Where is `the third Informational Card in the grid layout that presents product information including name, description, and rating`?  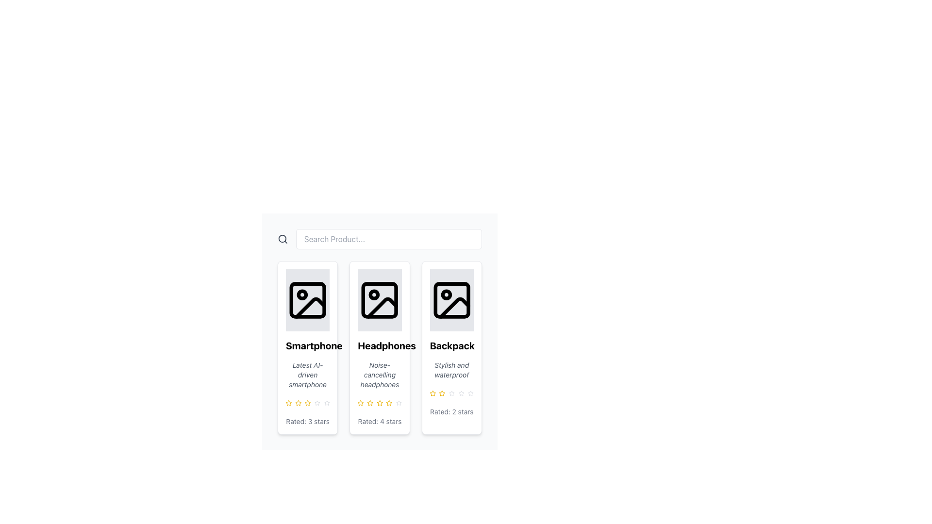 the third Informational Card in the grid layout that presents product information including name, description, and rating is located at coordinates (451, 347).